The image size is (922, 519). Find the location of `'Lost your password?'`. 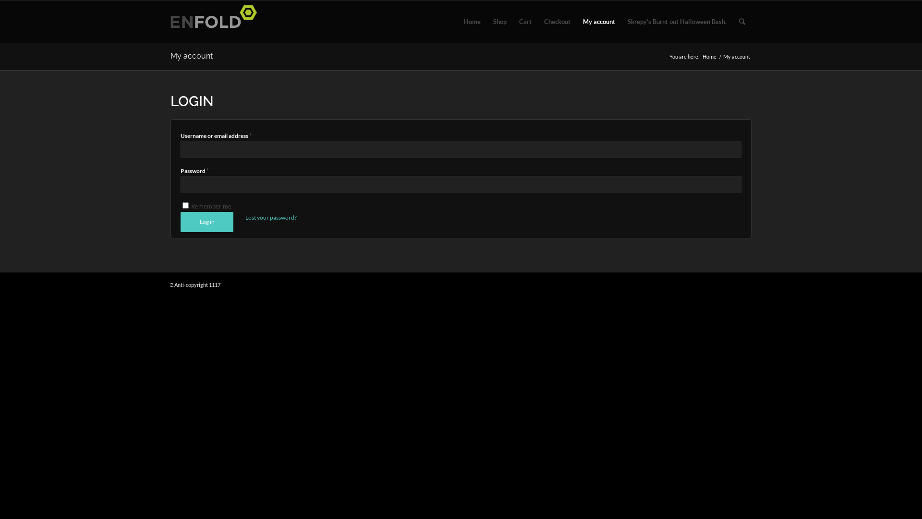

'Lost your password?' is located at coordinates (270, 217).